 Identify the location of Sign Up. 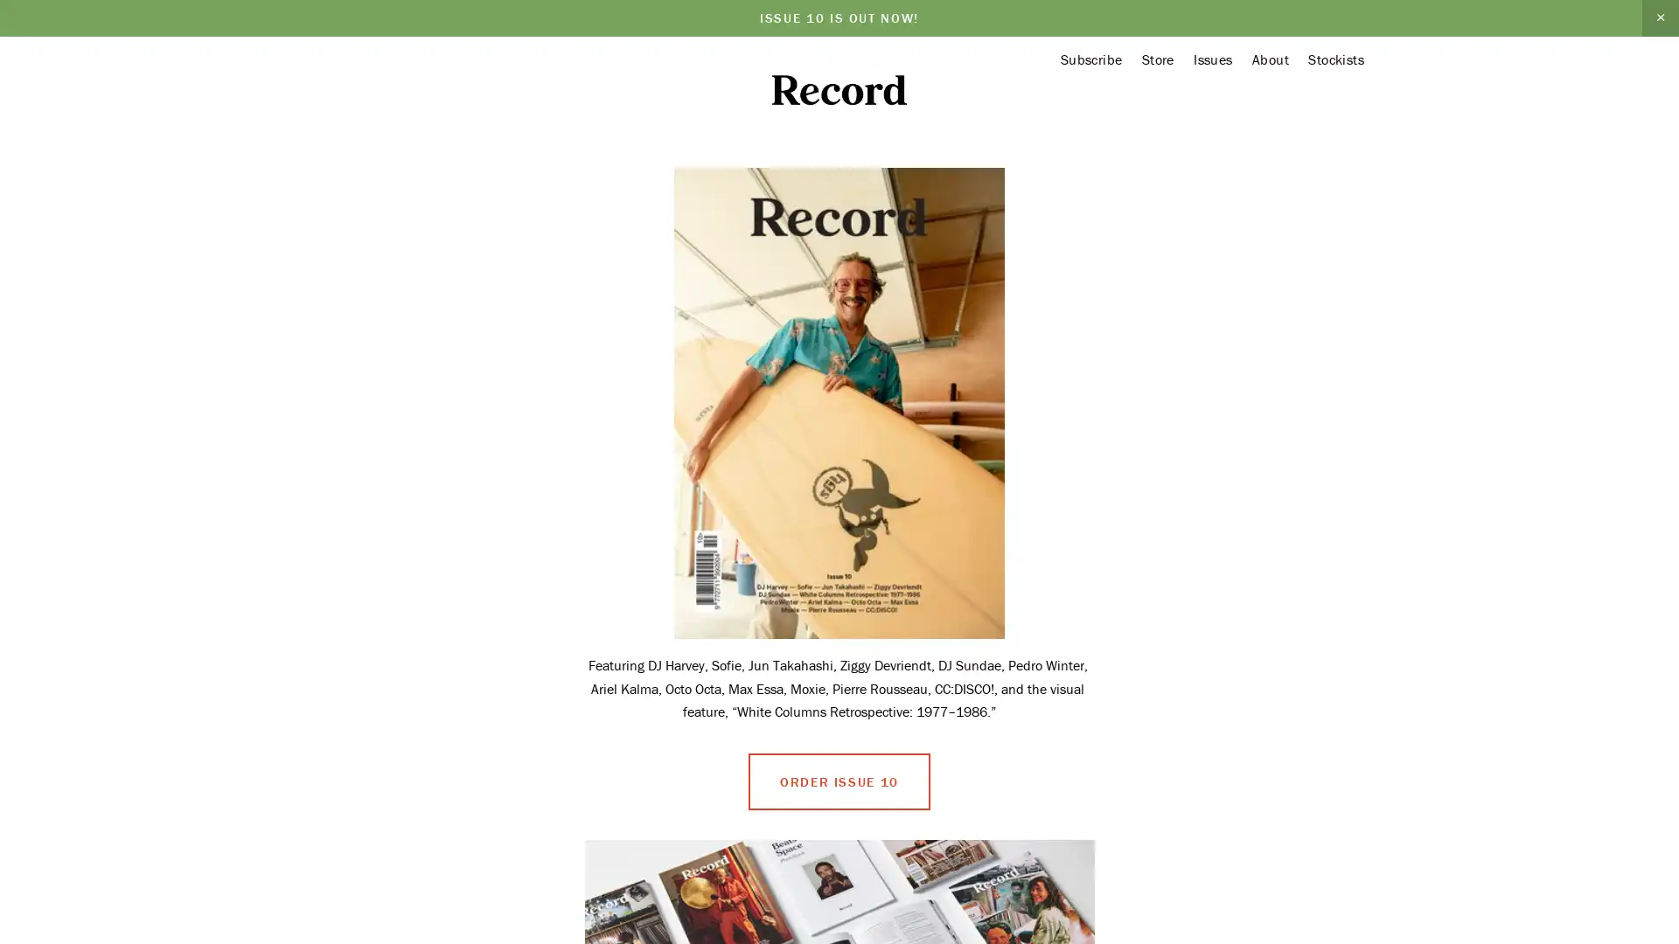
(1579, 842).